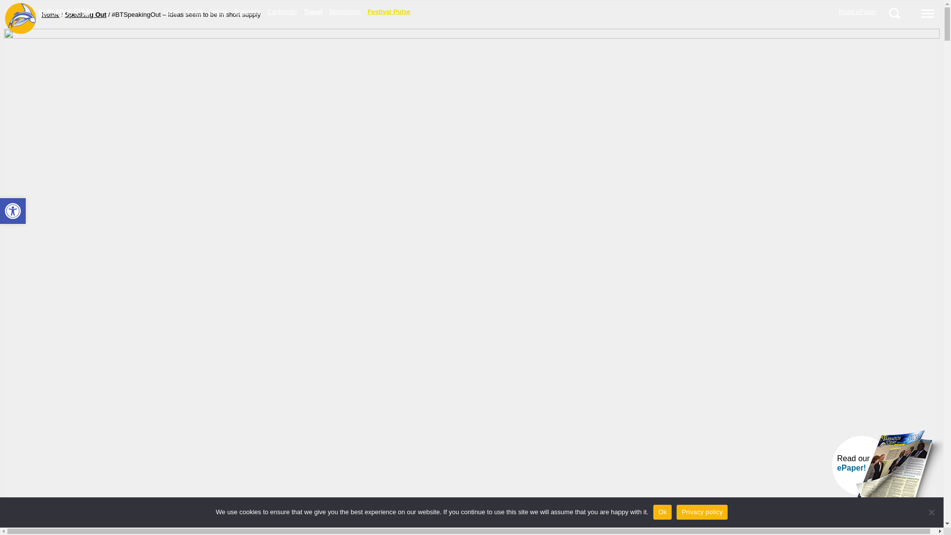 The width and height of the screenshot is (951, 535). What do you see at coordinates (701, 512) in the screenshot?
I see `'Privacy policy'` at bounding box center [701, 512].